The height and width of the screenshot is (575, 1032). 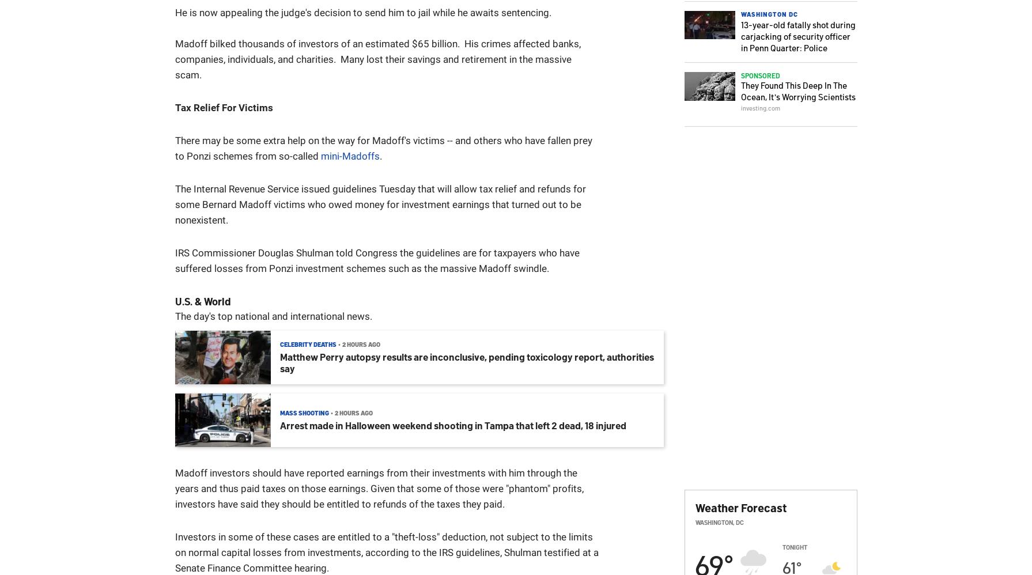 I want to click on '.', so click(x=381, y=155).